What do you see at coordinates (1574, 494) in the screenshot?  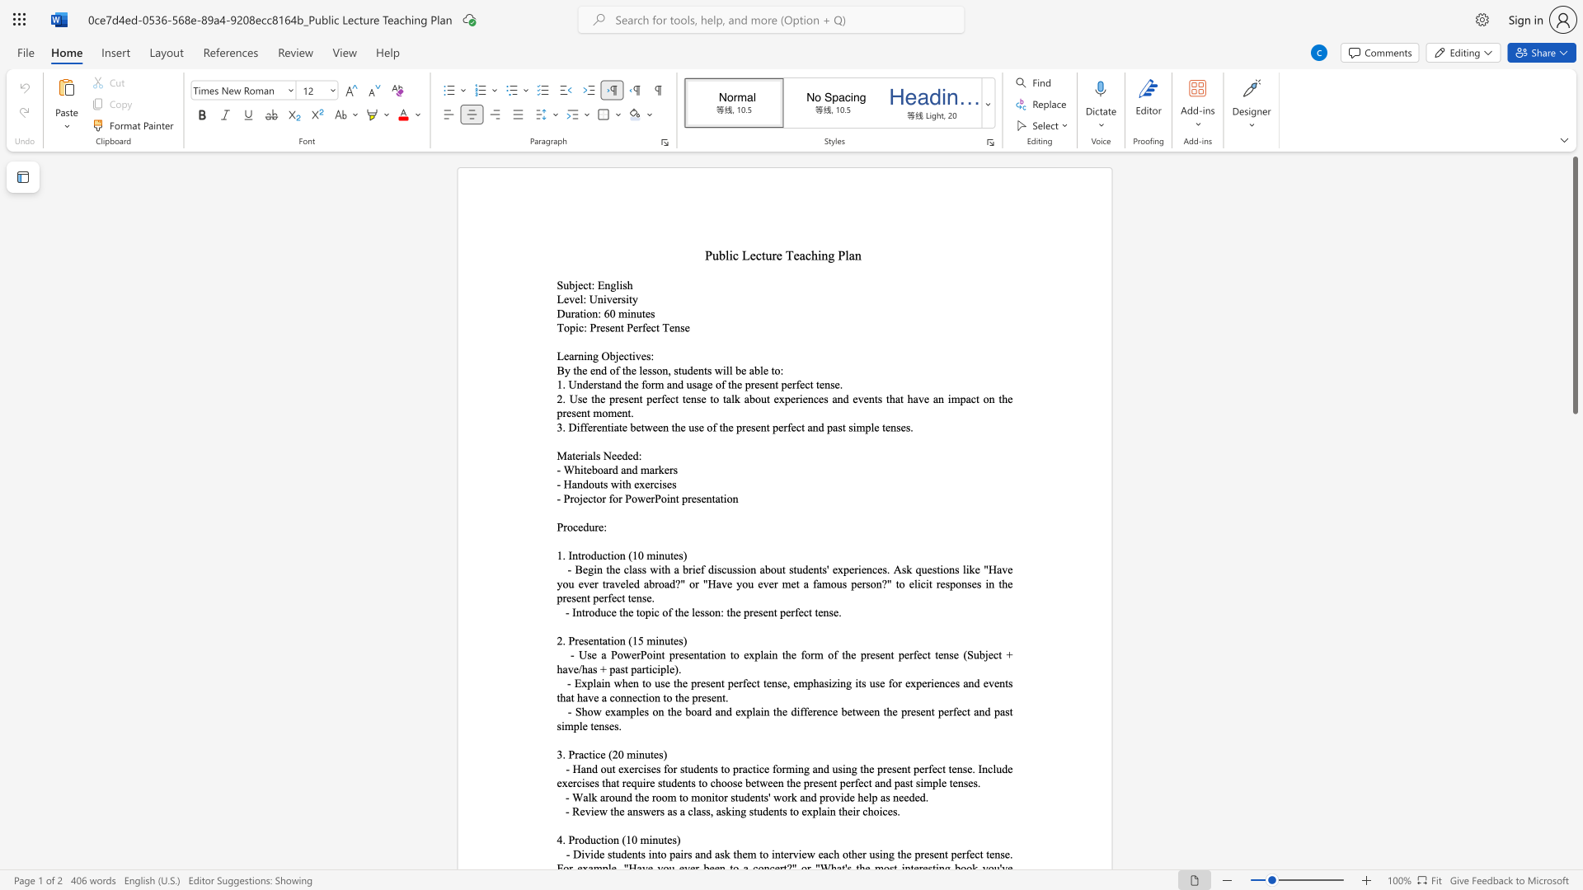 I see `the side scrollbar to bring the page down` at bounding box center [1574, 494].